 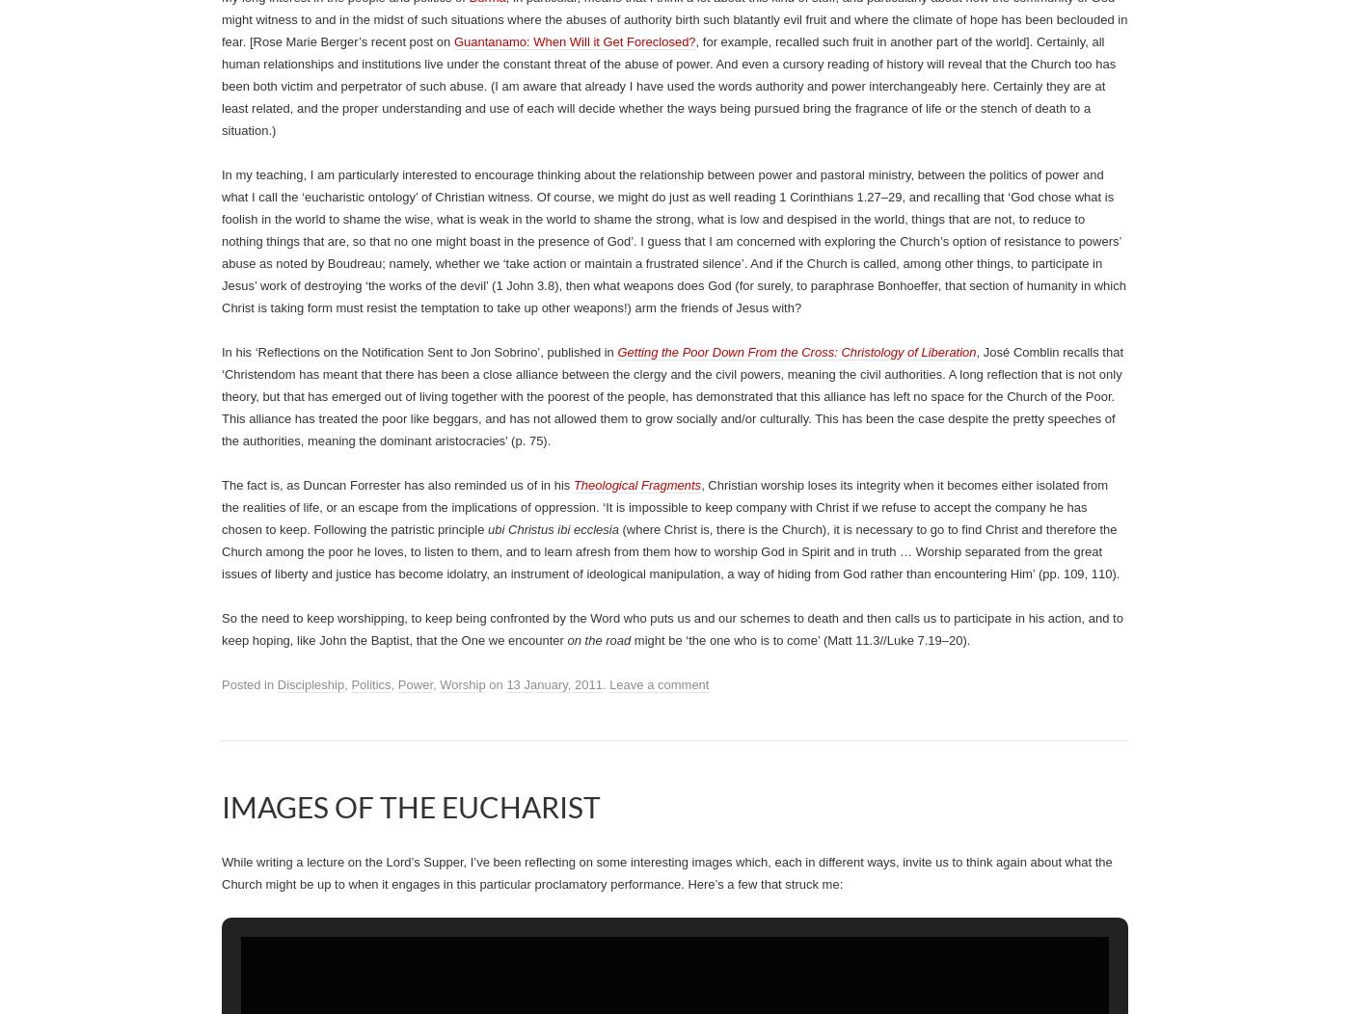 I want to click on 'We may never see the end results, but that is the difference', so click(x=445, y=71).